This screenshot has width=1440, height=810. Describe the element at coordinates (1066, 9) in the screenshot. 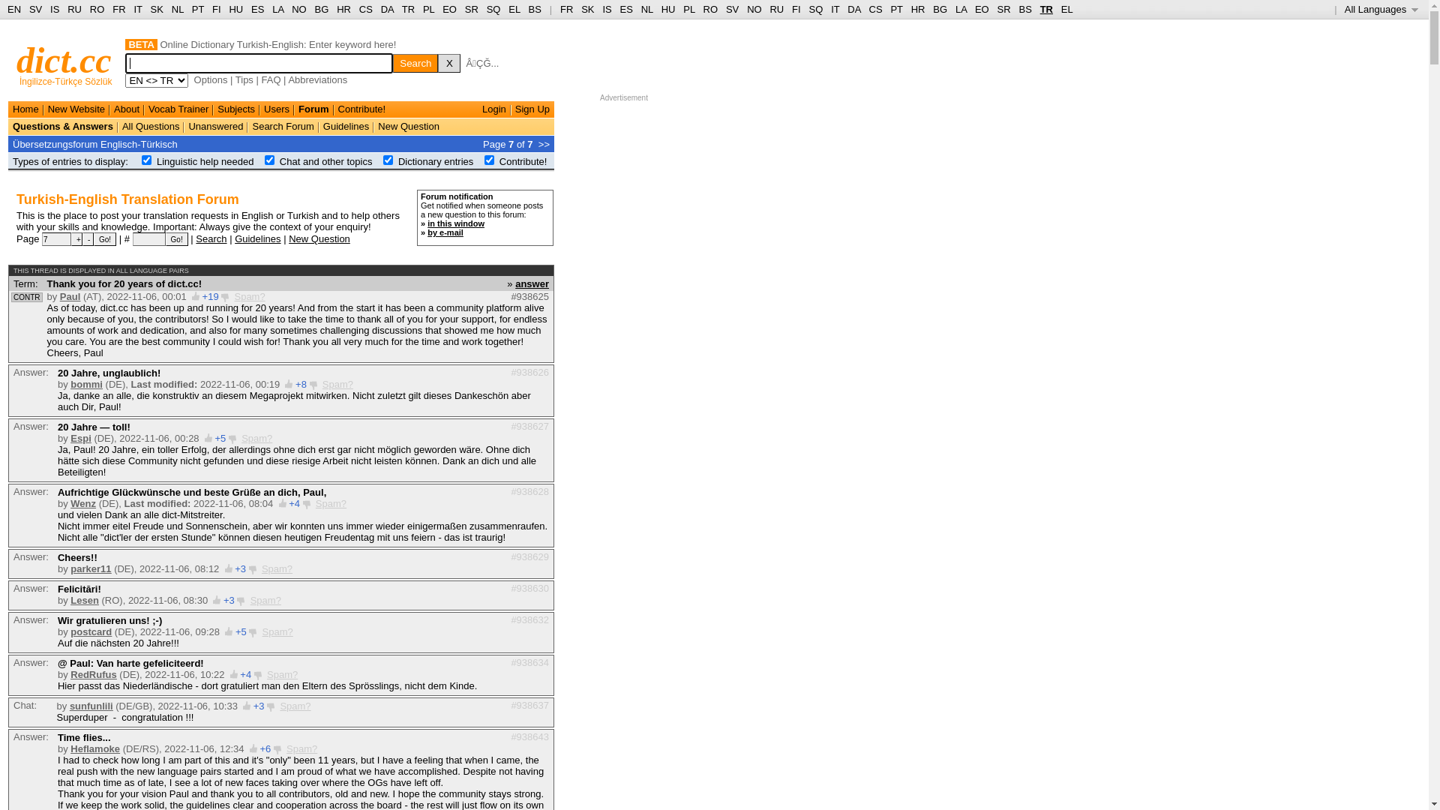

I see `'EL'` at that location.